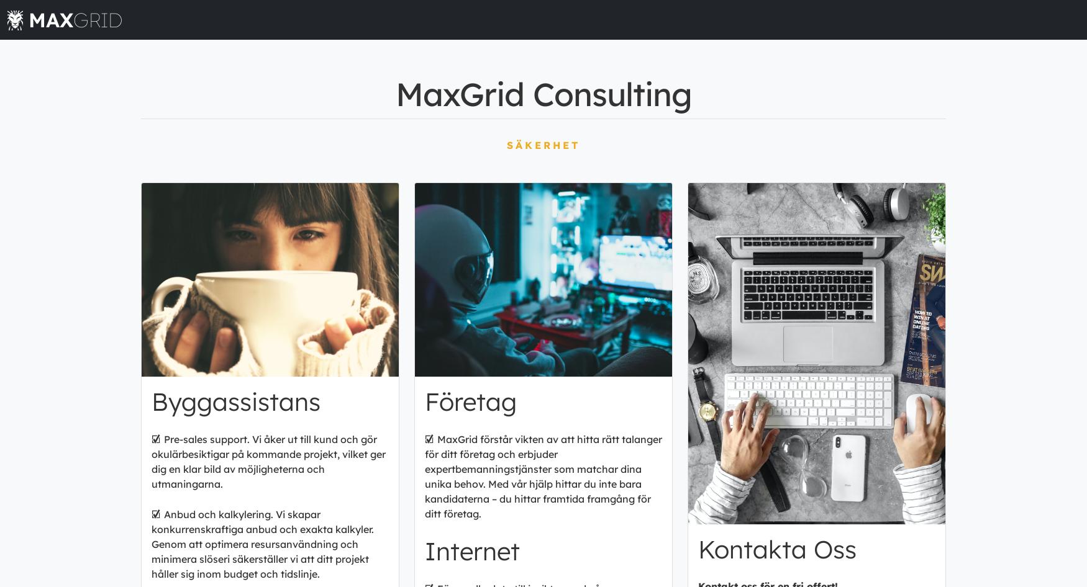 The image size is (1087, 587). Describe the element at coordinates (51, 19) in the screenshot. I see `'MAX'` at that location.